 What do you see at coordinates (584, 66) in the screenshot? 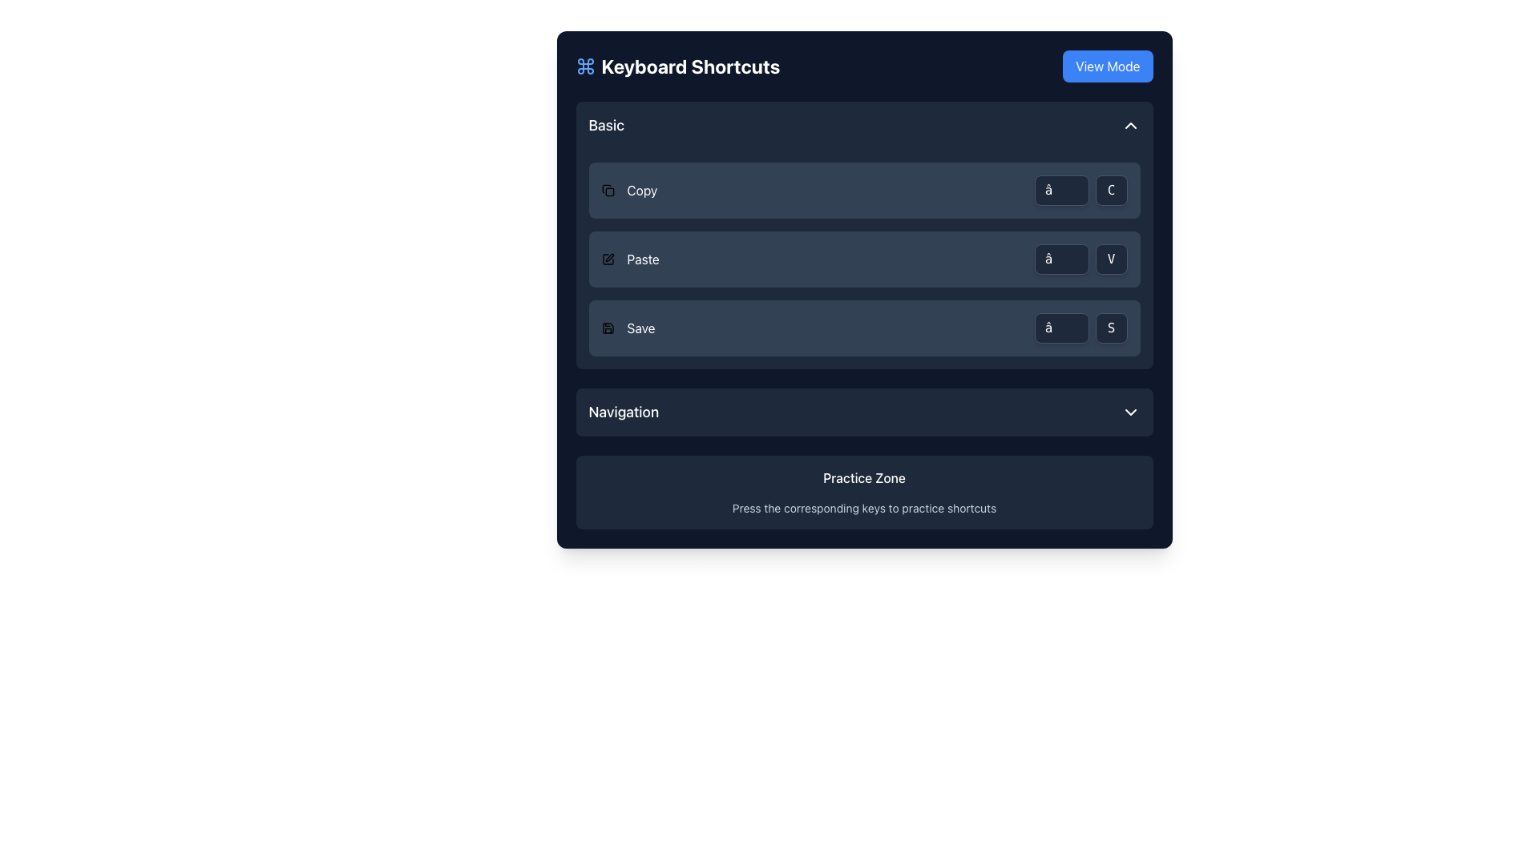
I see `the blue command-shaped icon located to the left of the 'Keyboard Shortcuts' text in the header section of the interface` at bounding box center [584, 66].